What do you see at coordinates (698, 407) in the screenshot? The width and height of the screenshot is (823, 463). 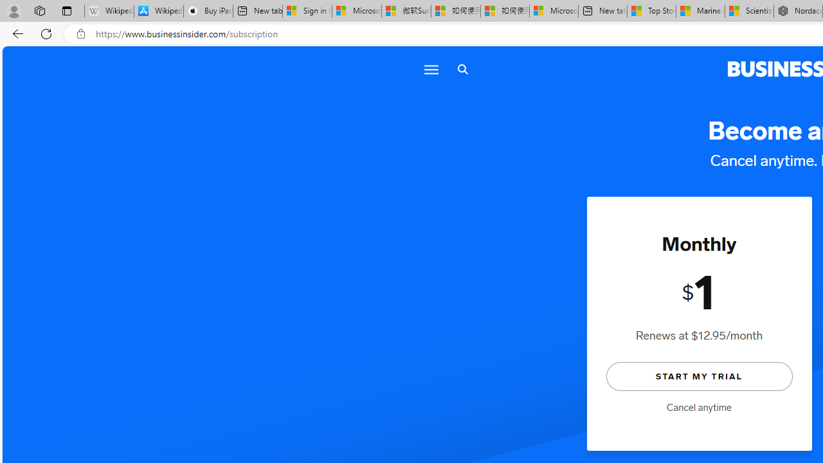 I see `'Cancel anytime'` at bounding box center [698, 407].